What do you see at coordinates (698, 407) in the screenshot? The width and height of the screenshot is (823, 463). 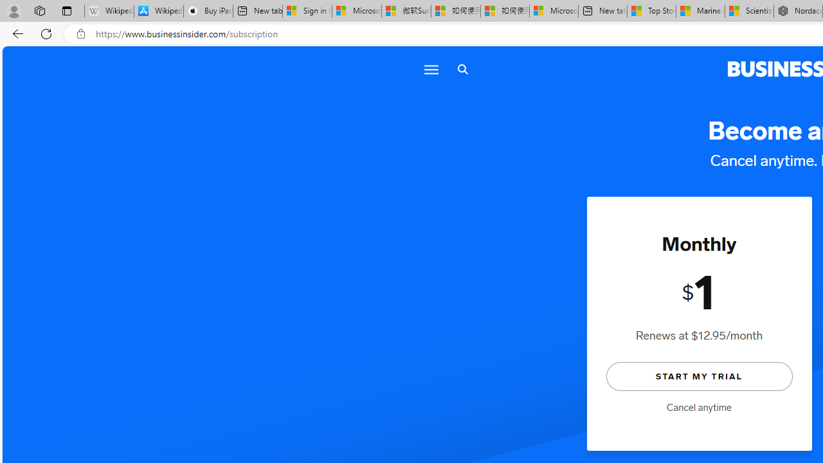 I see `'Cancel anytime'` at bounding box center [698, 407].